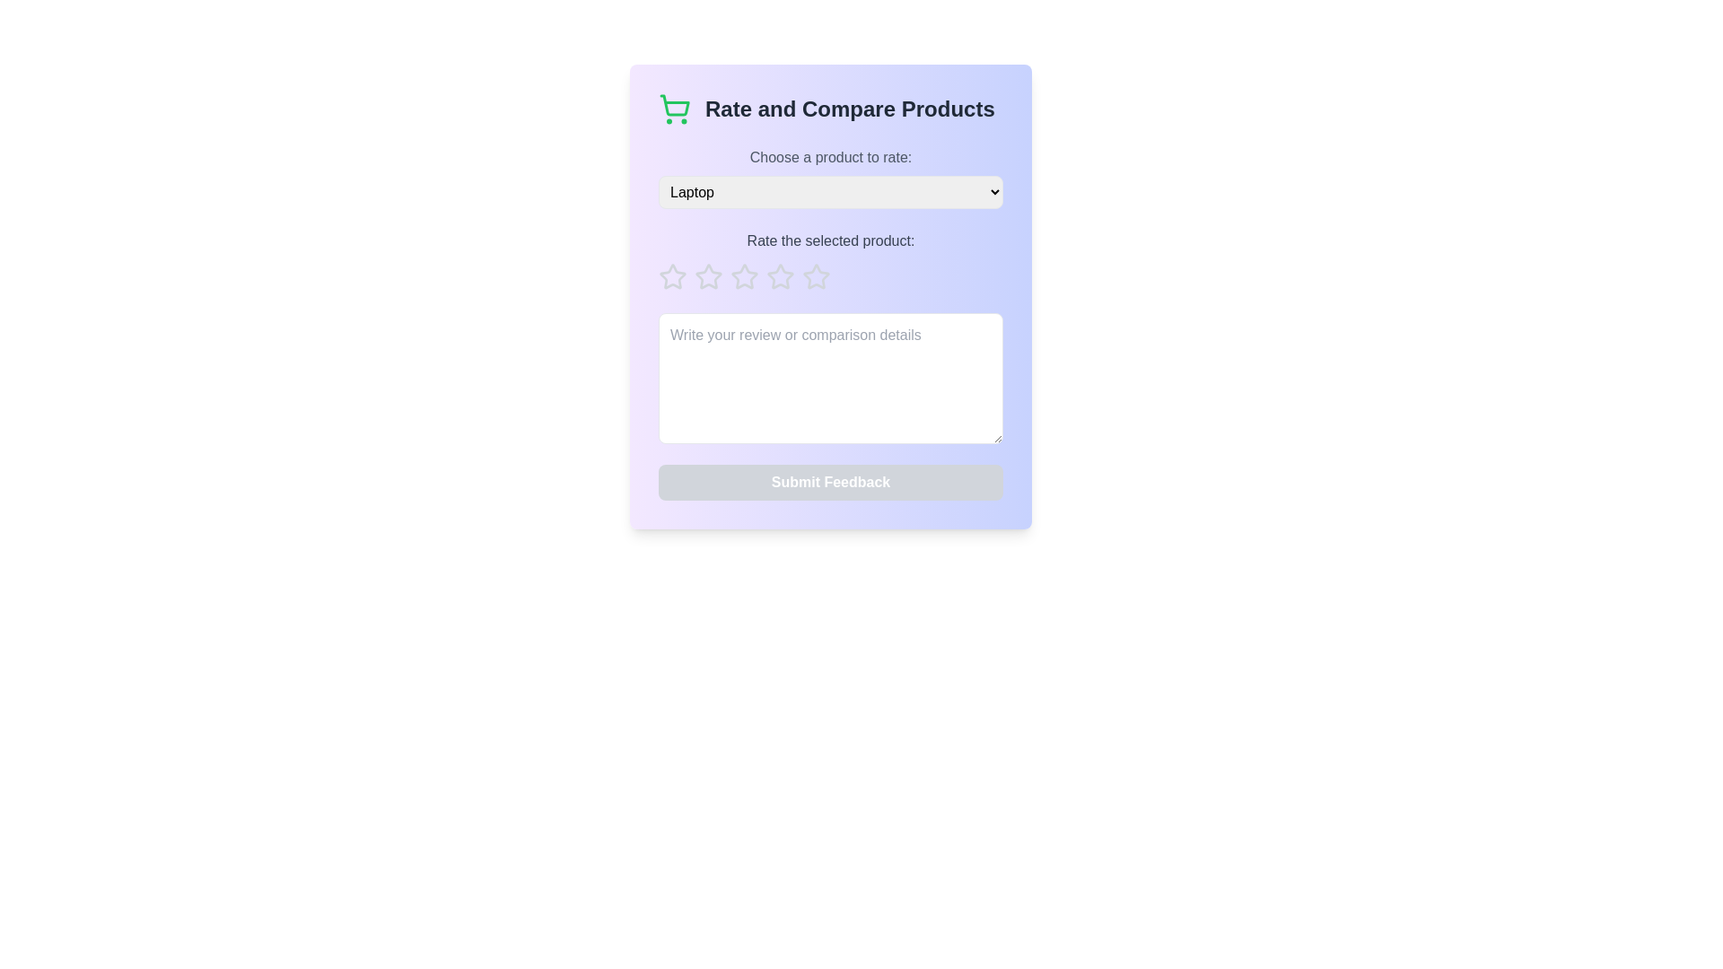  What do you see at coordinates (780, 276) in the screenshot?
I see `the third star rating button in the 'Rate and Compare Products' dialogue box` at bounding box center [780, 276].